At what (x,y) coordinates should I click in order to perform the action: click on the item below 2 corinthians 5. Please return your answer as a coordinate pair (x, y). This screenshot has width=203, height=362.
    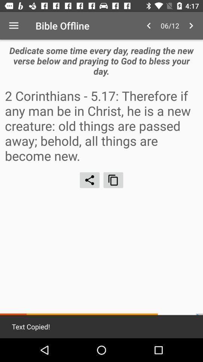
    Looking at the image, I should click on (89, 180).